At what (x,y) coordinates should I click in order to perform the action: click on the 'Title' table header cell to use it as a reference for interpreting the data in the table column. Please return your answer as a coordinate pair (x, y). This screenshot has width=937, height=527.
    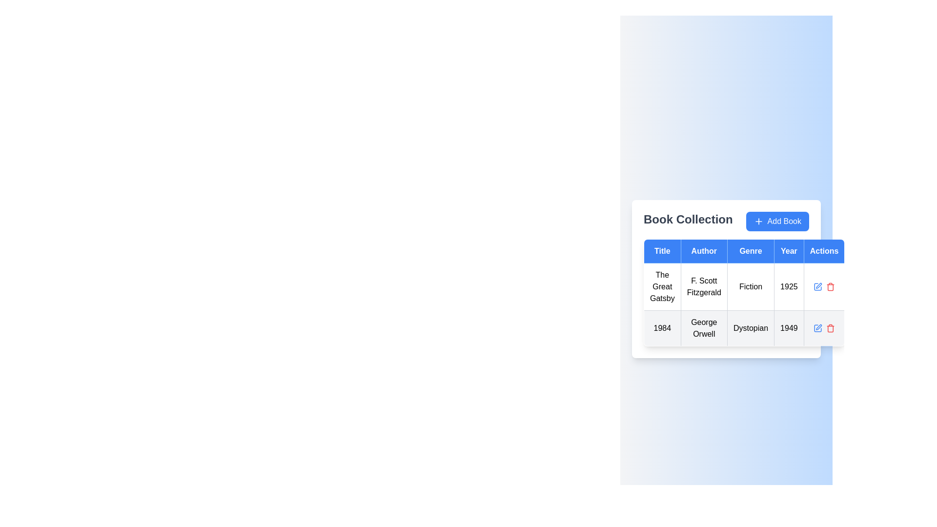
    Looking at the image, I should click on (662, 251).